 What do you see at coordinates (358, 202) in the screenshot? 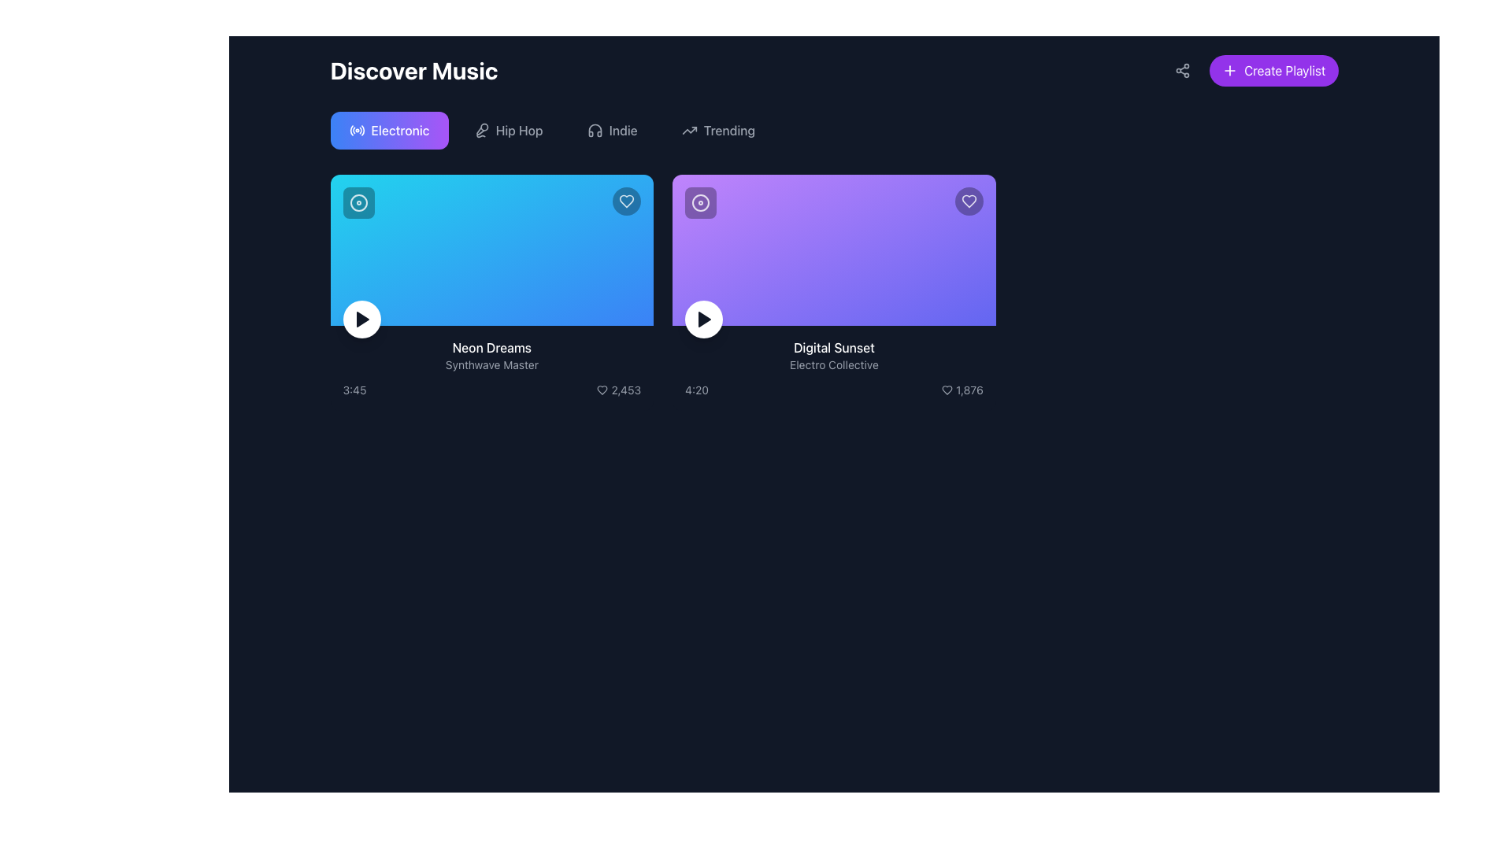
I see `the decorative black icon with a frosted blur effect located at the top-left corner of the 'Neon Dreams' card` at bounding box center [358, 202].